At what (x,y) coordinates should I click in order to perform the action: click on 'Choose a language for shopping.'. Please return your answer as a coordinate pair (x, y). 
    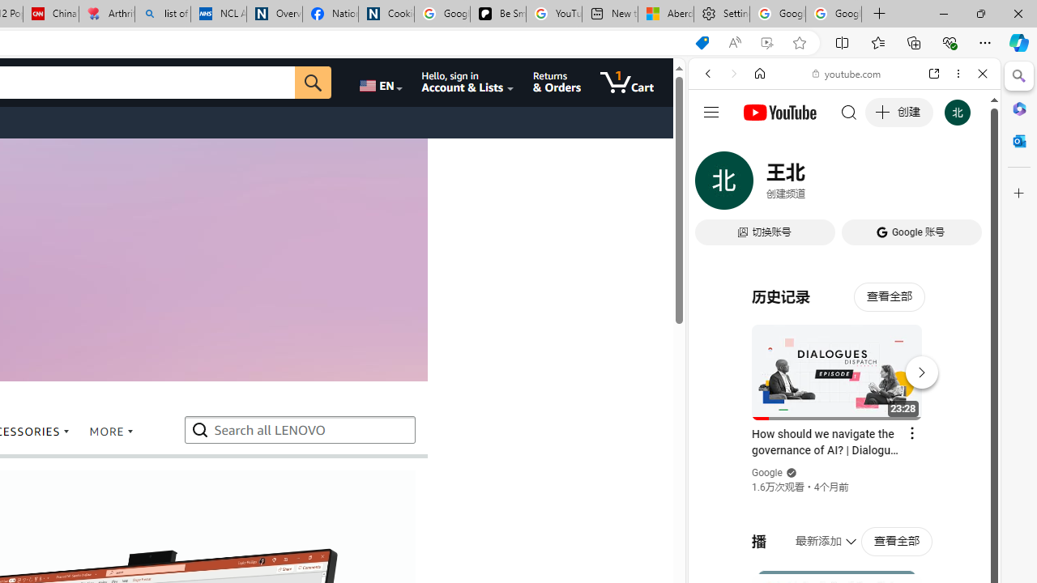
    Looking at the image, I should click on (379, 82).